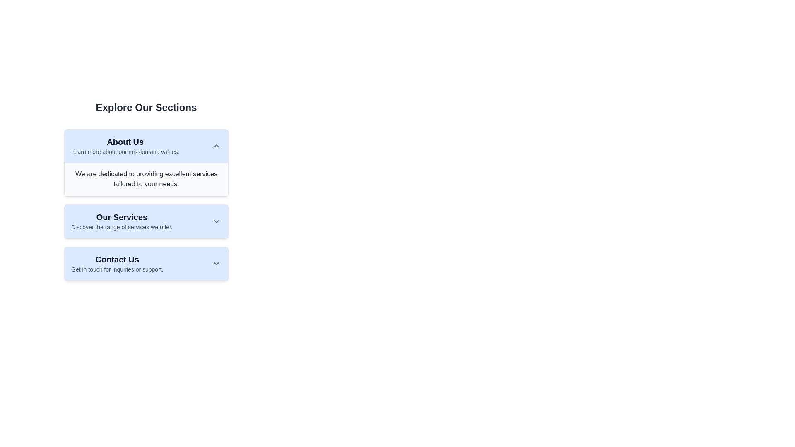 This screenshot has width=795, height=447. Describe the element at coordinates (117, 269) in the screenshot. I see `the text element that reads 'Get in touch for inquiries or support.' which is styled in gray and positioned below the 'Contact Us' header` at that location.